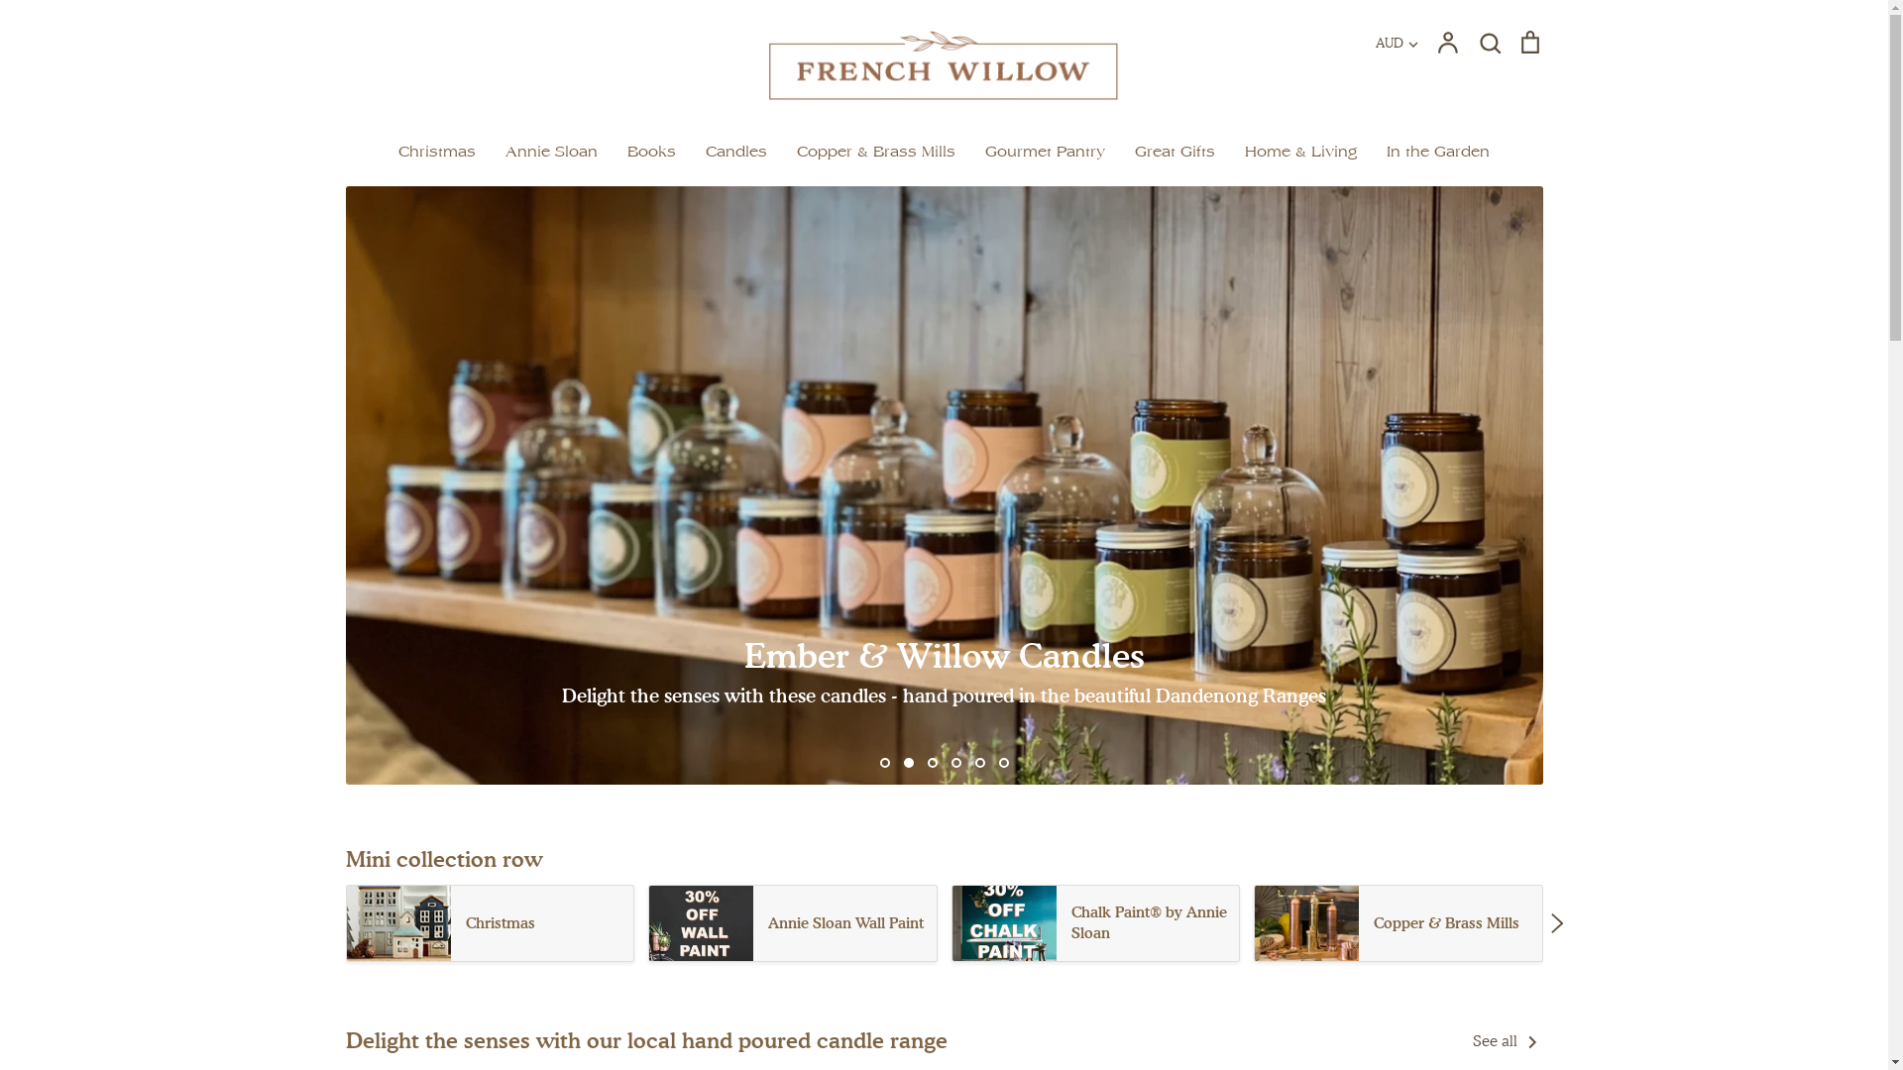  I want to click on 'See all', so click(1507, 1039).